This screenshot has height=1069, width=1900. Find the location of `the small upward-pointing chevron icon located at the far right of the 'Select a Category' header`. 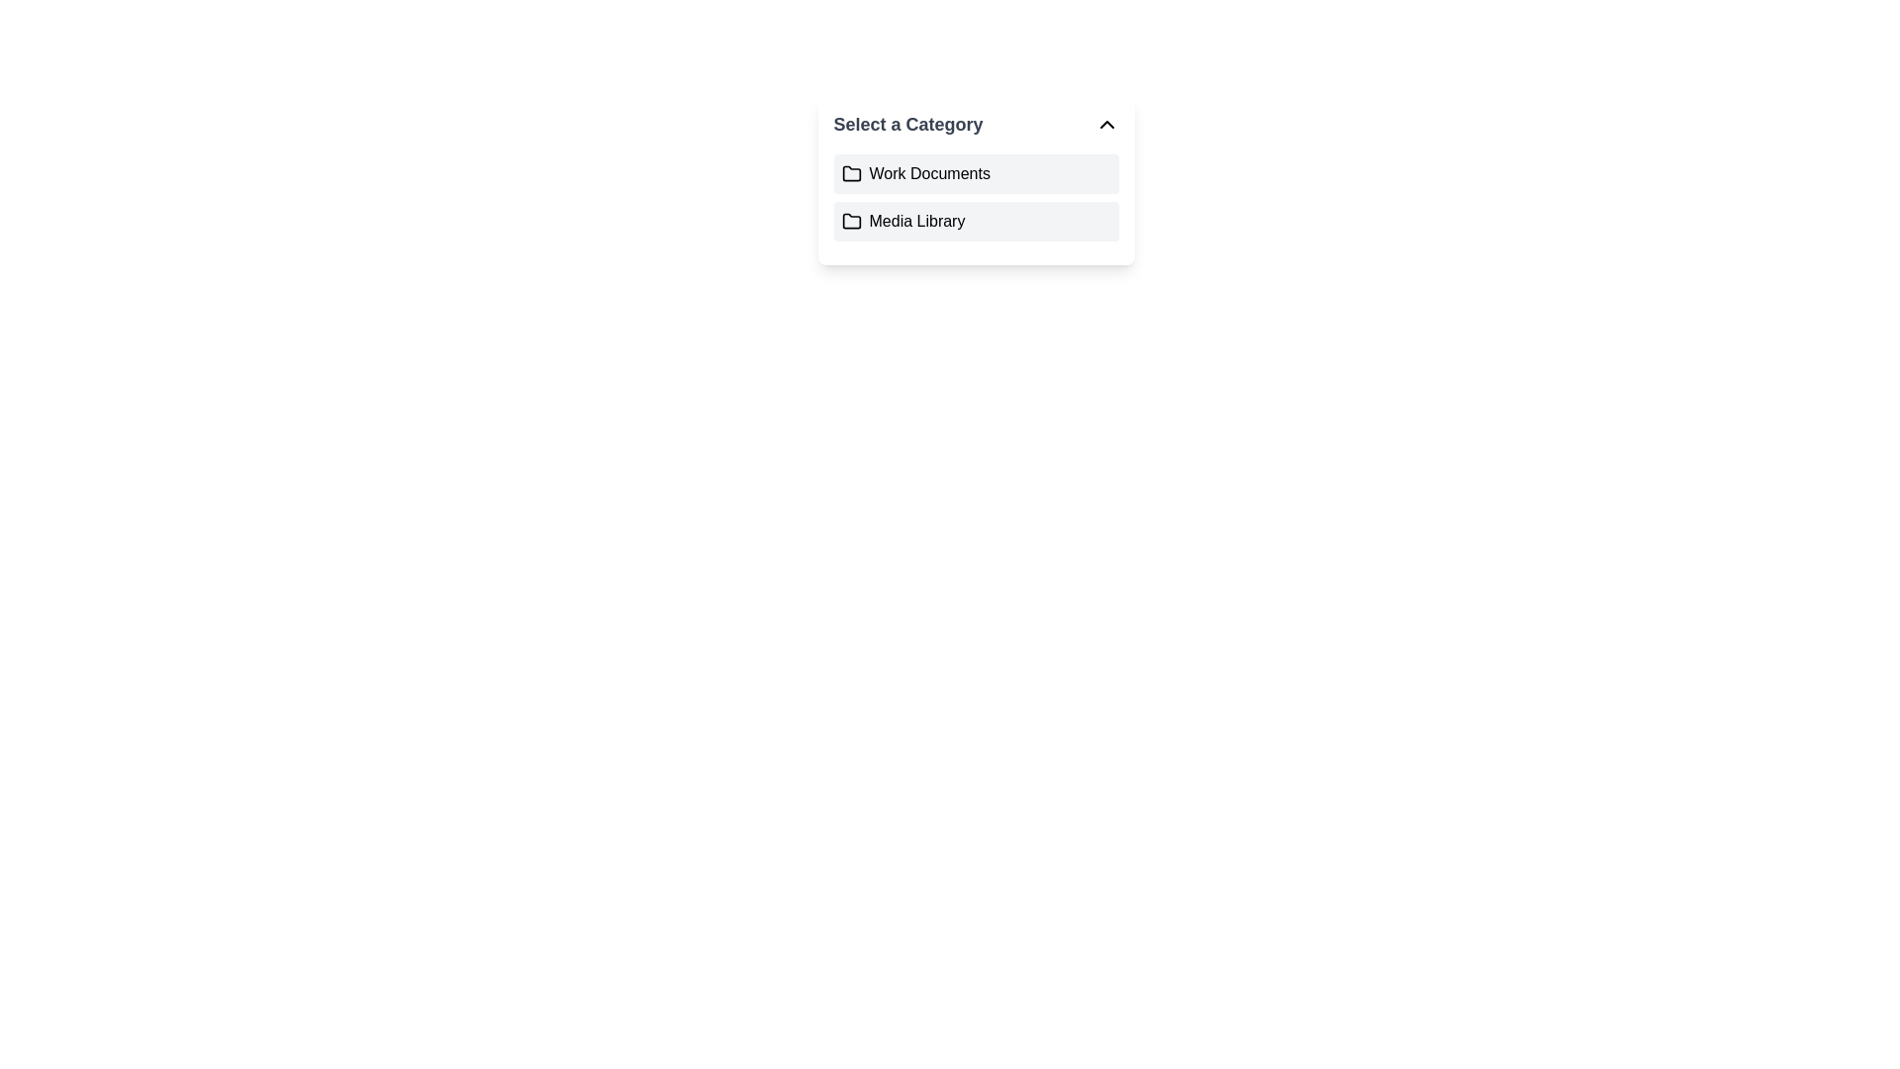

the small upward-pointing chevron icon located at the far right of the 'Select a Category' header is located at coordinates (1105, 125).